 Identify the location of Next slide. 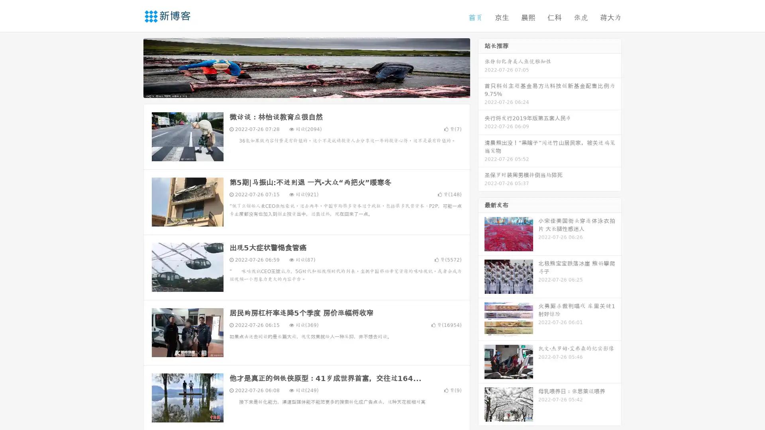
(481, 67).